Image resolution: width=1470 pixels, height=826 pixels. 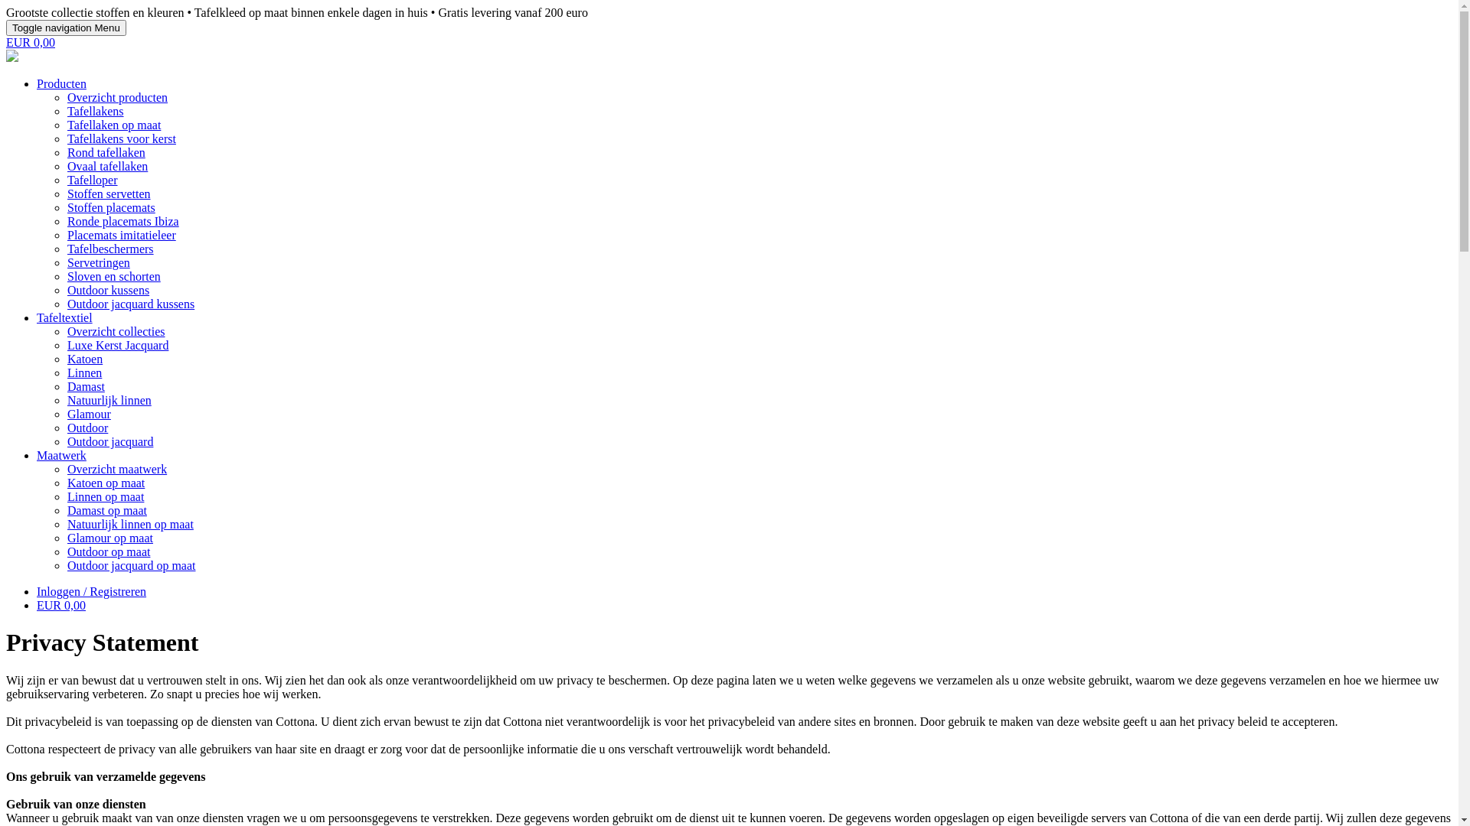 I want to click on 'Outdoor kussens', so click(x=107, y=290).